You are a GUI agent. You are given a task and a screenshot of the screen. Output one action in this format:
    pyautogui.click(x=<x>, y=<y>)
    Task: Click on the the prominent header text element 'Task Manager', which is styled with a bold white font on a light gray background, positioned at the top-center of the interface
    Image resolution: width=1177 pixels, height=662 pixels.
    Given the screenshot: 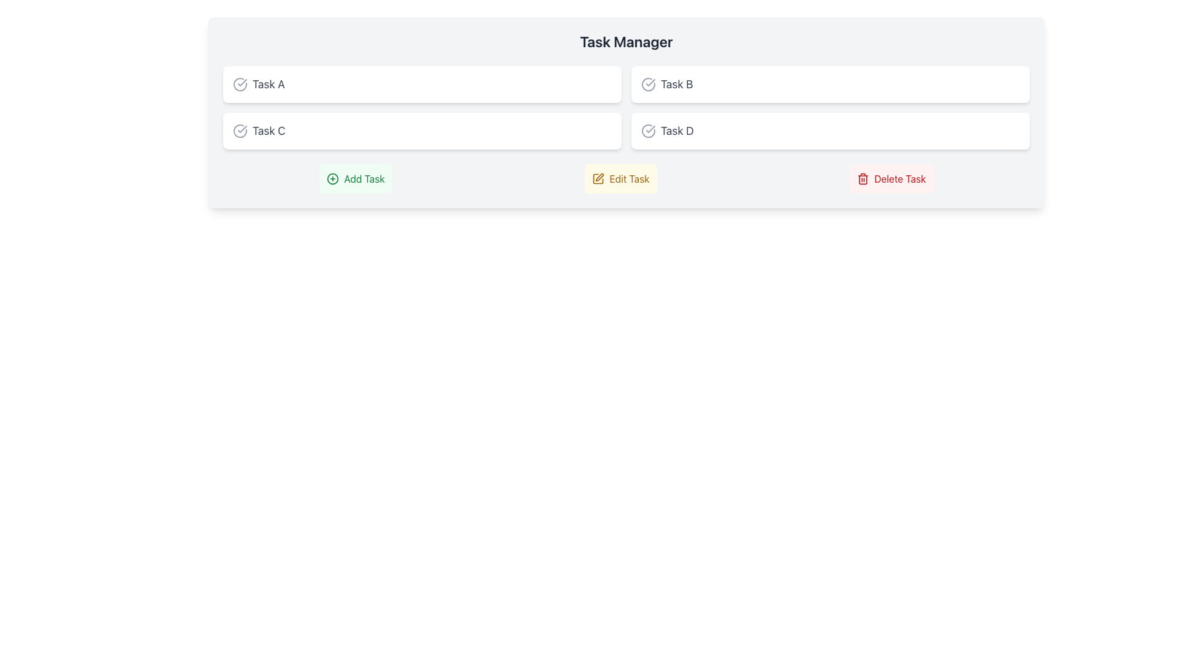 What is the action you would take?
    pyautogui.click(x=627, y=41)
    